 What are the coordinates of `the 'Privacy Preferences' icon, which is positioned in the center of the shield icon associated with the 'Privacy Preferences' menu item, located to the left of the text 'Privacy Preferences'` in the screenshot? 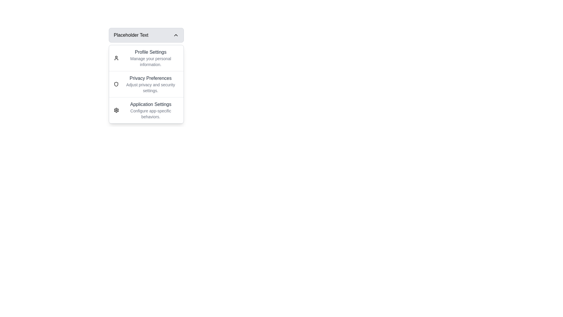 It's located at (116, 84).